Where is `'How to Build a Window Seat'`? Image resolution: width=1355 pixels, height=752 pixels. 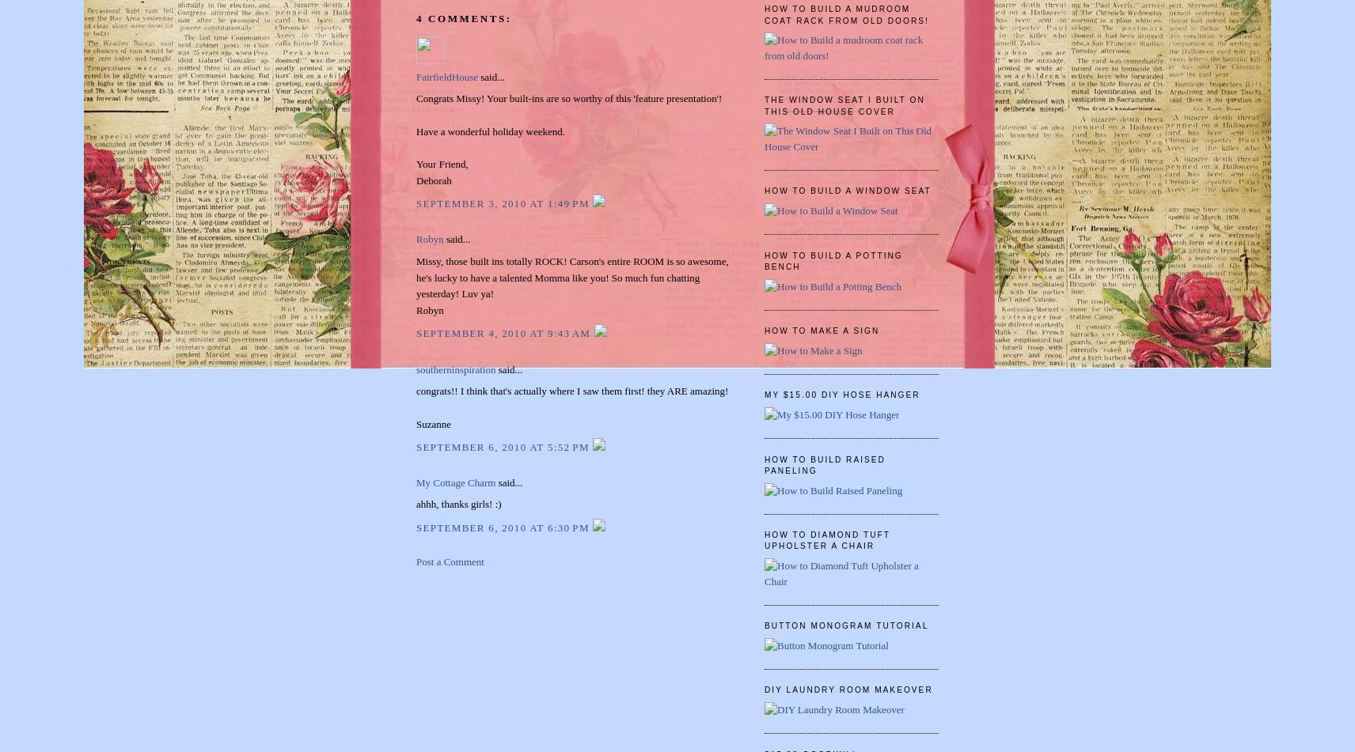
'How to Build a Window Seat' is located at coordinates (848, 191).